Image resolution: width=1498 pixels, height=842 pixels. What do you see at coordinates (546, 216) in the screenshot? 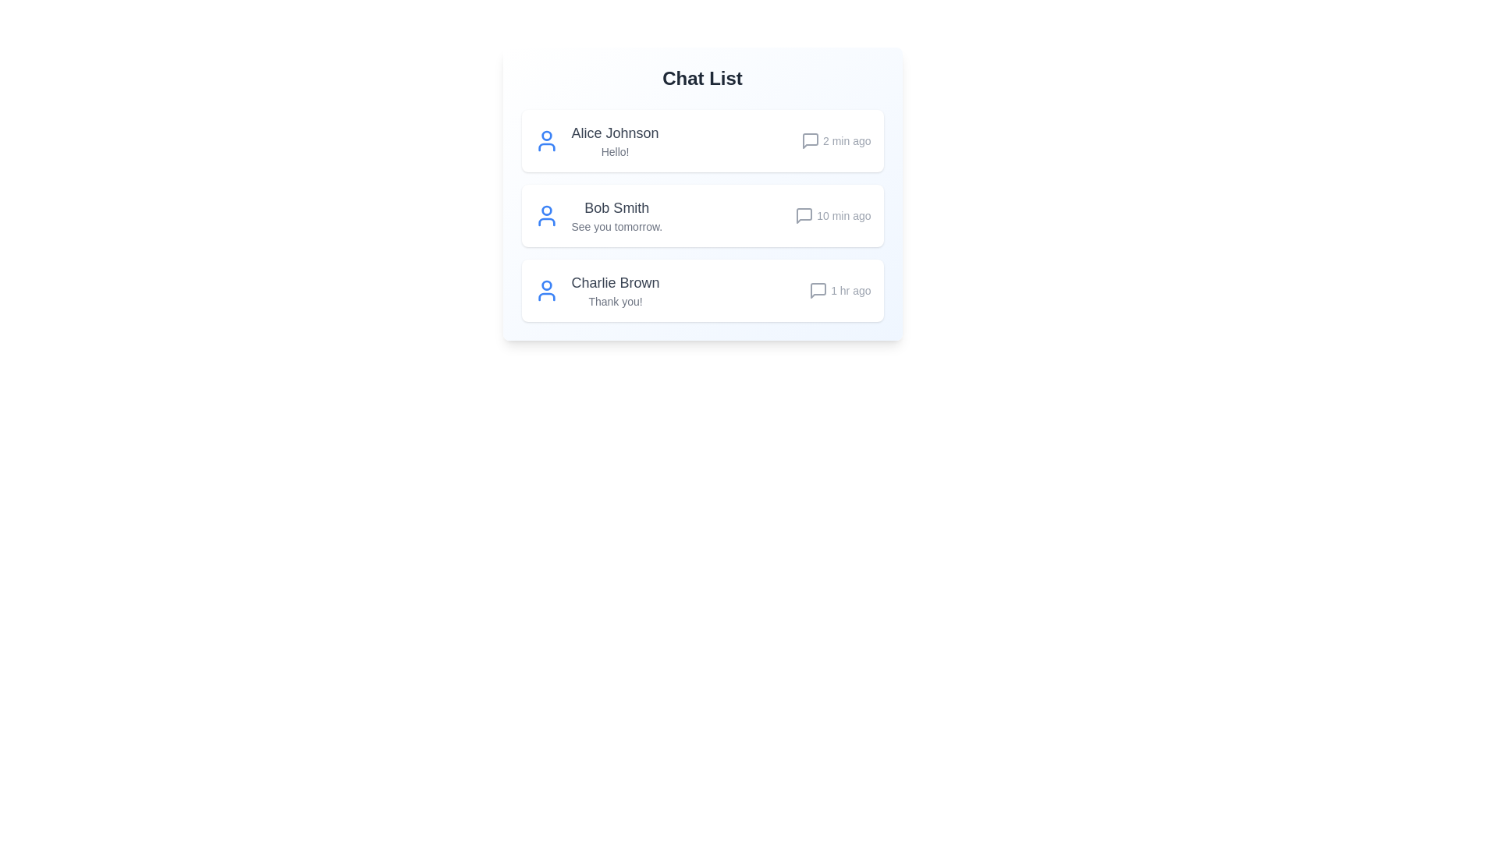
I see `the user icon for Bob Smith to inspect its functionality` at bounding box center [546, 216].